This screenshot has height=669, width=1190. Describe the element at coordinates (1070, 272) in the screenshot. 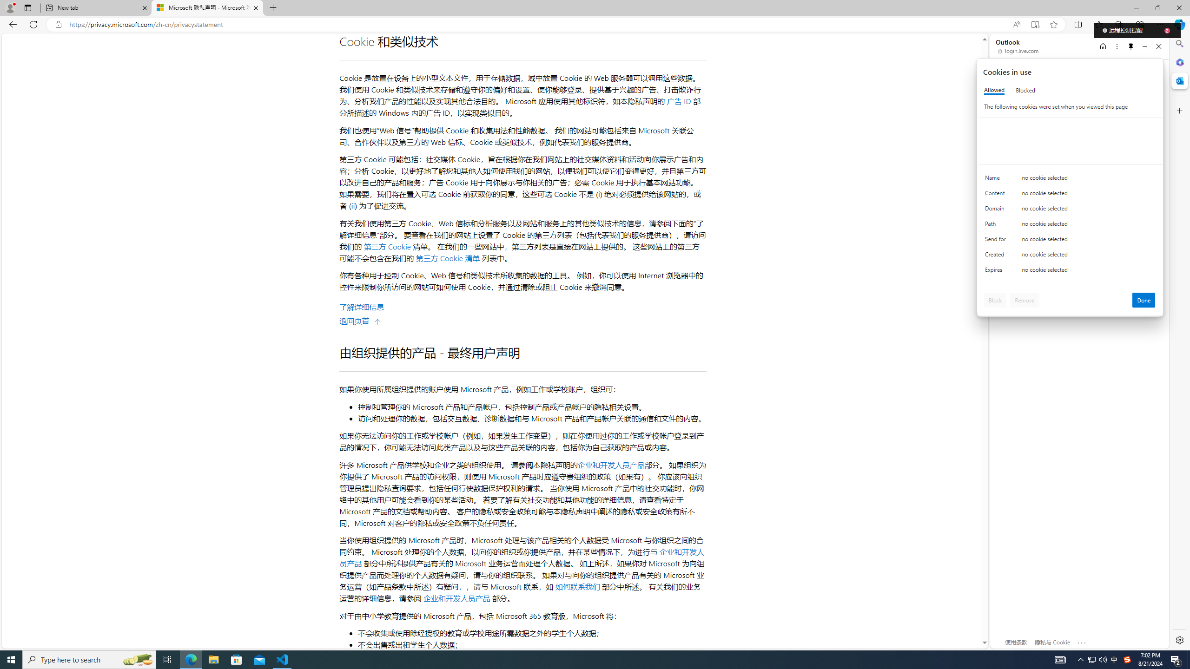

I see `'Class: c0153 c0157'` at that location.